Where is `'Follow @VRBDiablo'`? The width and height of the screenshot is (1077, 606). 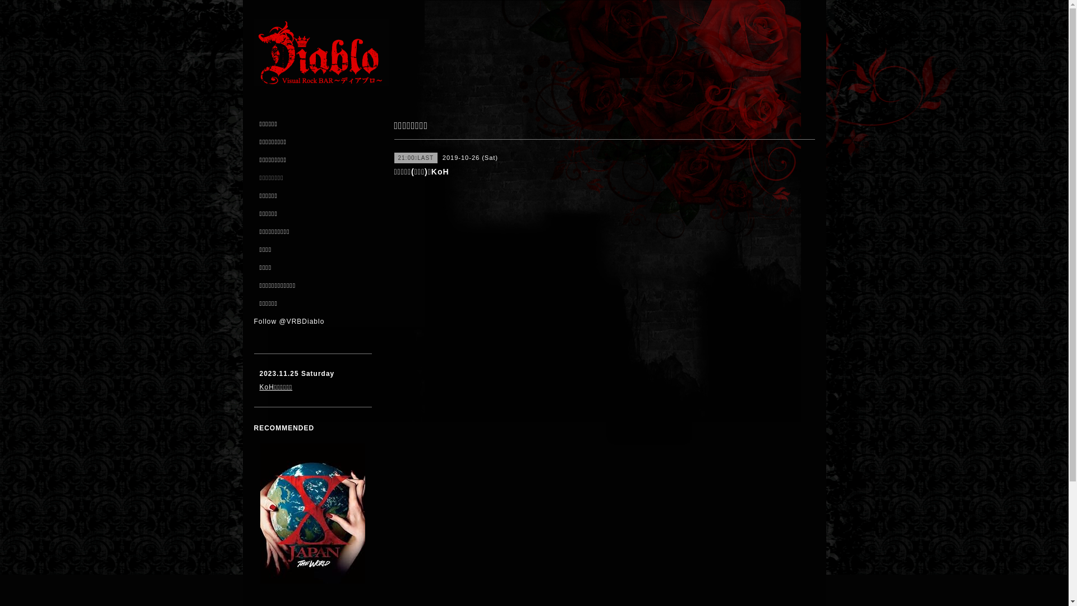 'Follow @VRBDiablo' is located at coordinates (288, 322).